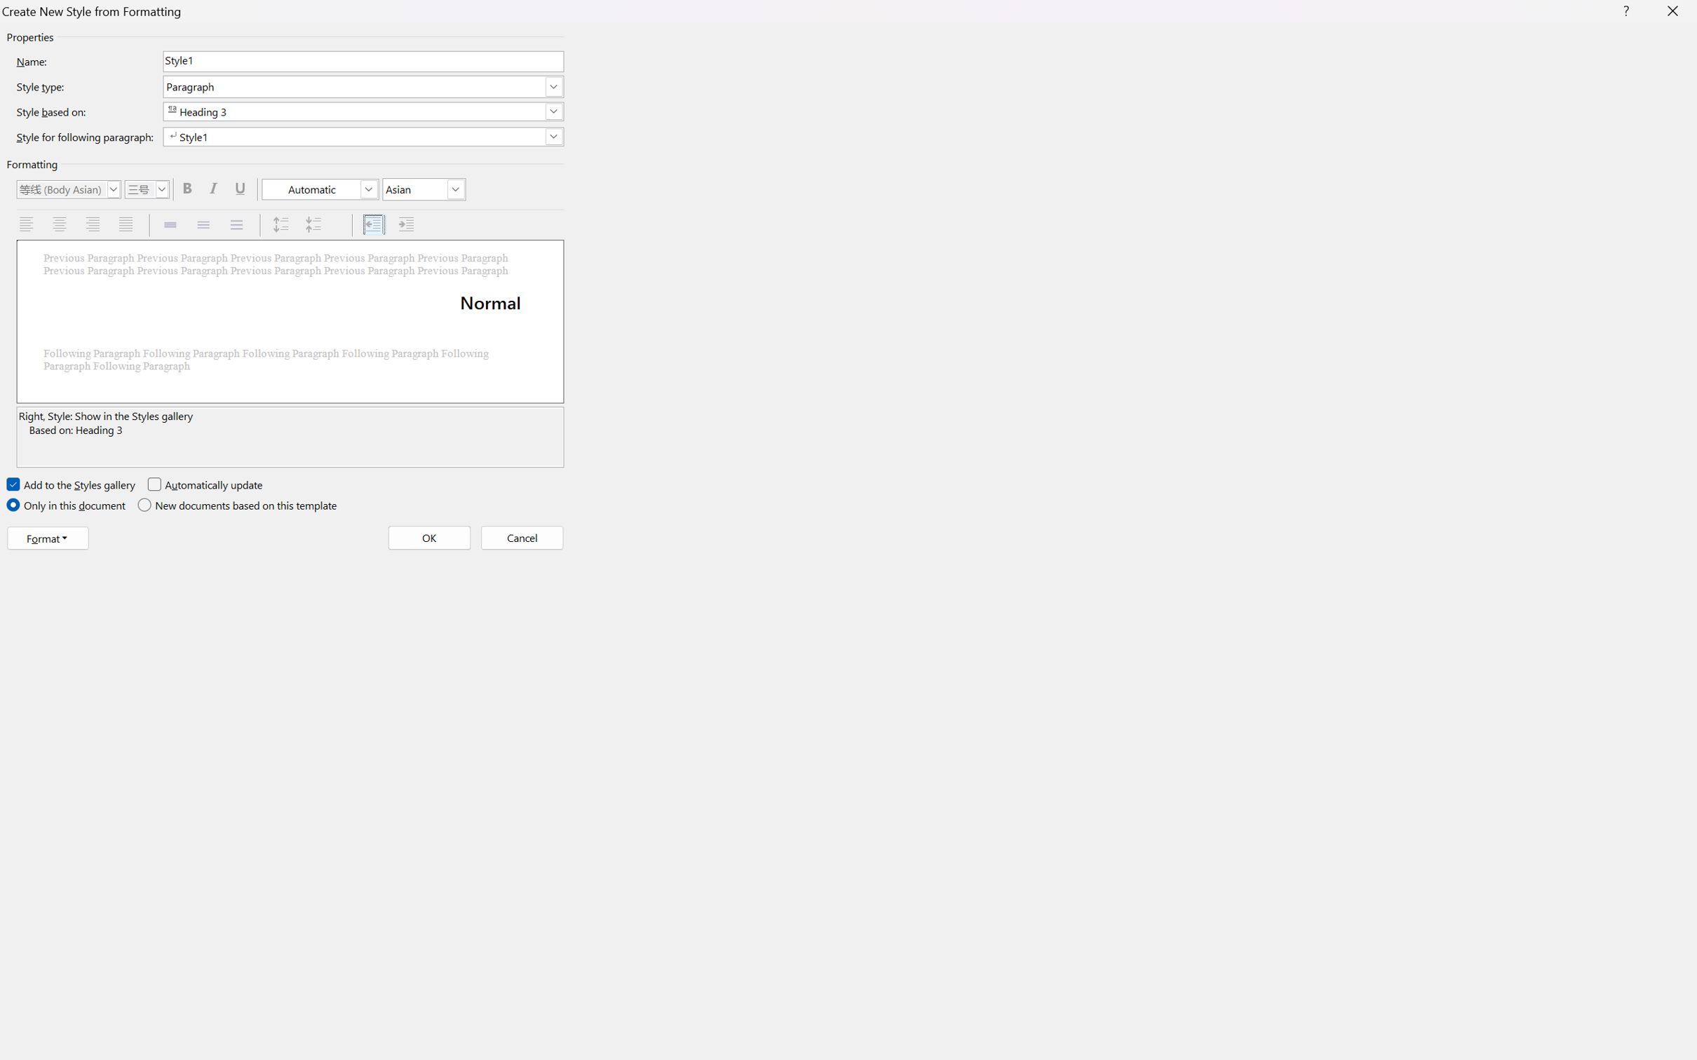 This screenshot has width=1697, height=1060. Describe the element at coordinates (374, 224) in the screenshot. I see `'Decrease Indent'` at that location.